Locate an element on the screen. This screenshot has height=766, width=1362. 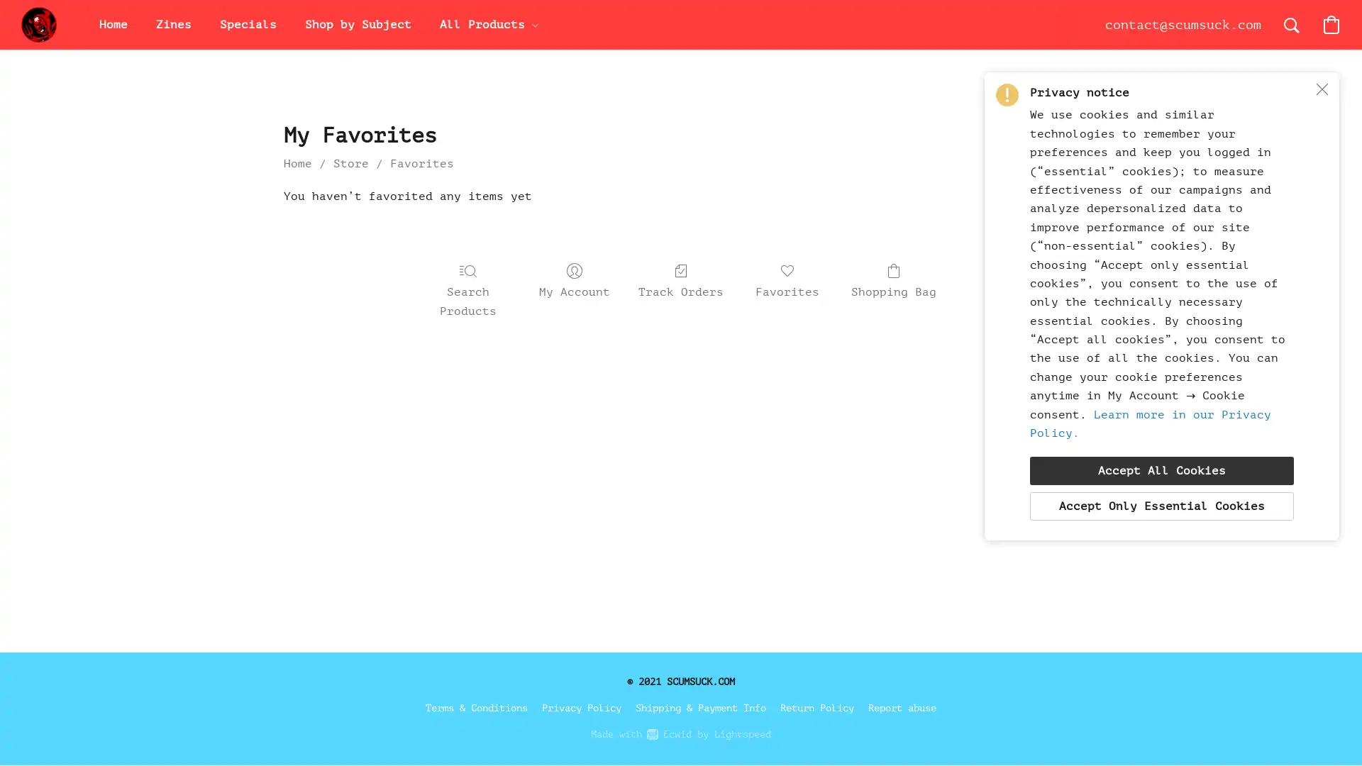
Search the website is located at coordinates (1291, 24).